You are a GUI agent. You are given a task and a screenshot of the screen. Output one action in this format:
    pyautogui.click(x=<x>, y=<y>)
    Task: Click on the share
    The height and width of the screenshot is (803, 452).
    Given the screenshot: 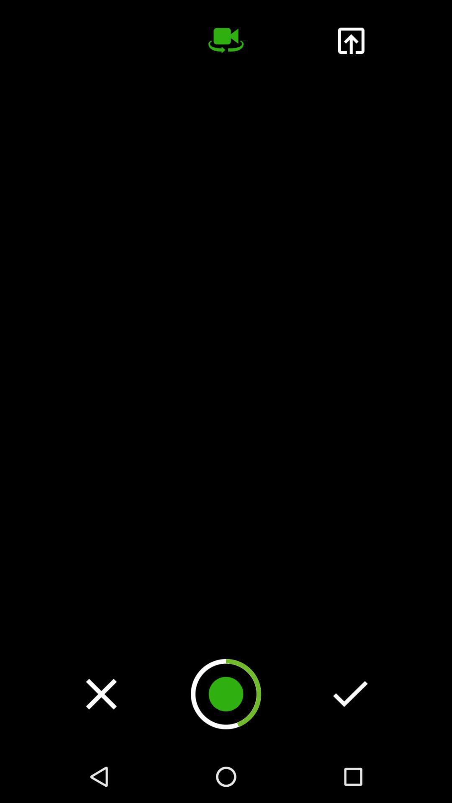 What is the action you would take?
    pyautogui.click(x=351, y=40)
    